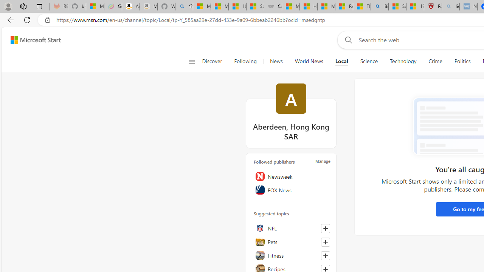 This screenshot has height=272, width=484. I want to click on 'Pets', so click(291, 241).